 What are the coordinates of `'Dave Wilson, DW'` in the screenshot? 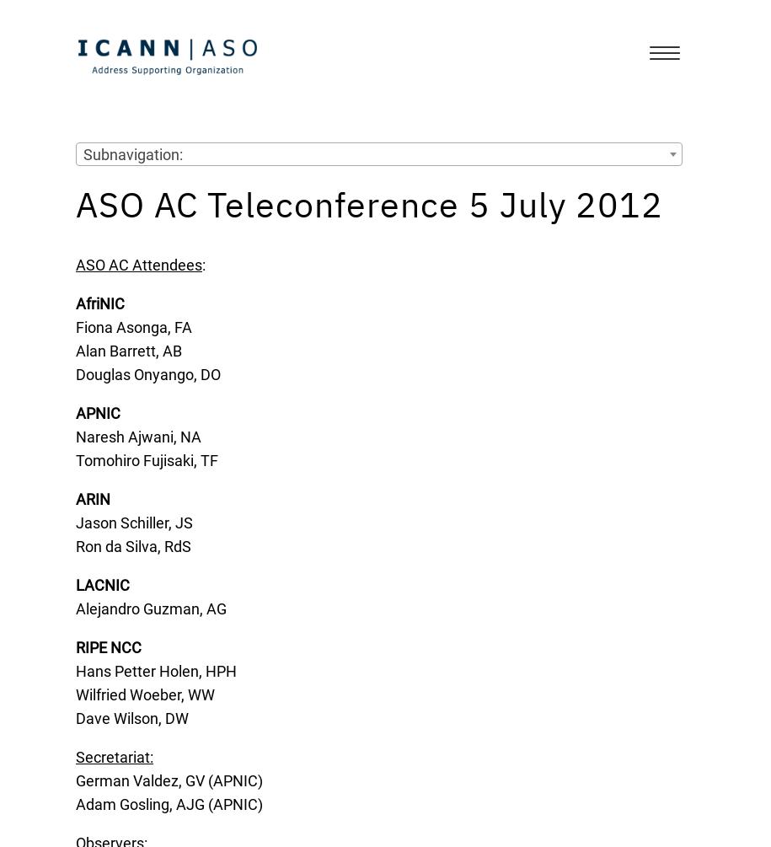 It's located at (131, 717).